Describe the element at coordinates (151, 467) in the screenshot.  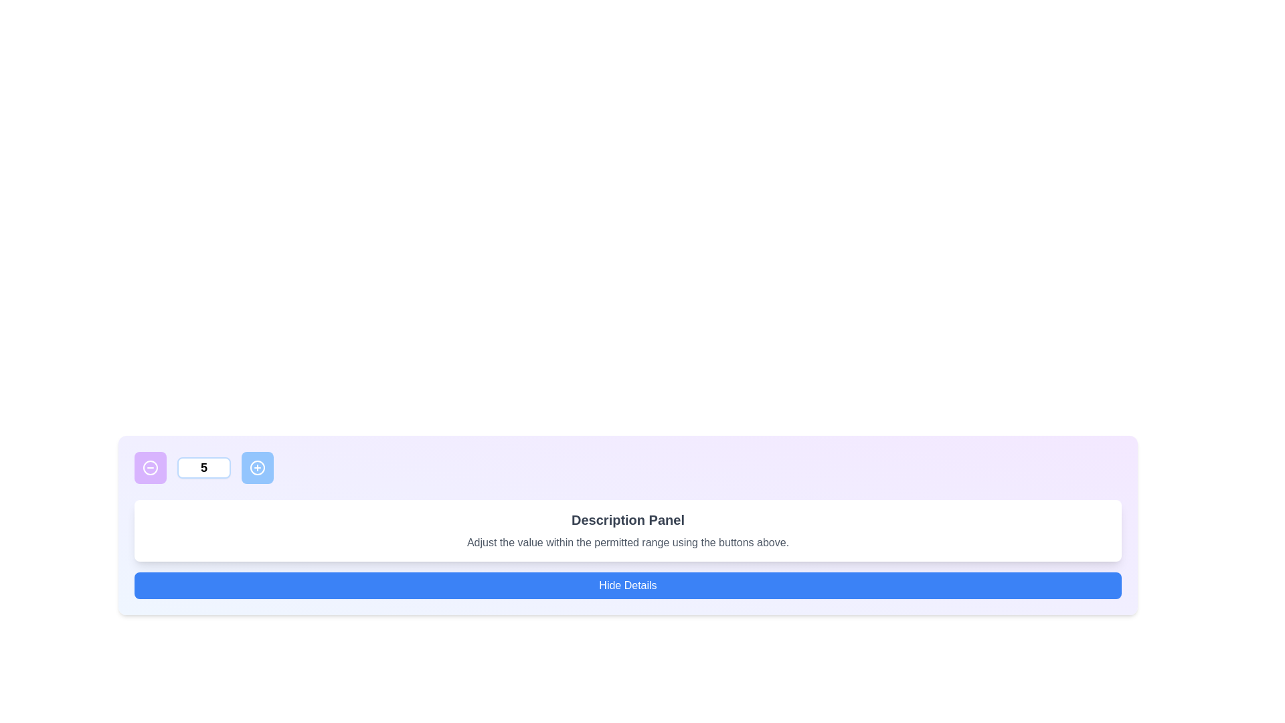
I see `the button on the leftmost side that decreases a numerical value, located next to an input field showing '5'` at that location.